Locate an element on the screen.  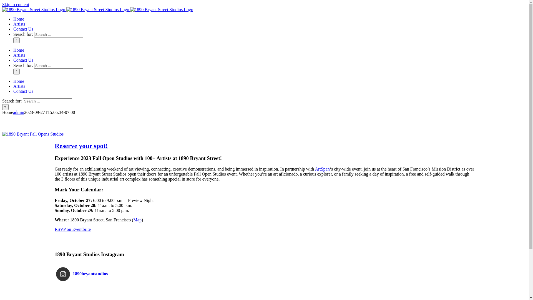
'Artists' is located at coordinates (19, 24).